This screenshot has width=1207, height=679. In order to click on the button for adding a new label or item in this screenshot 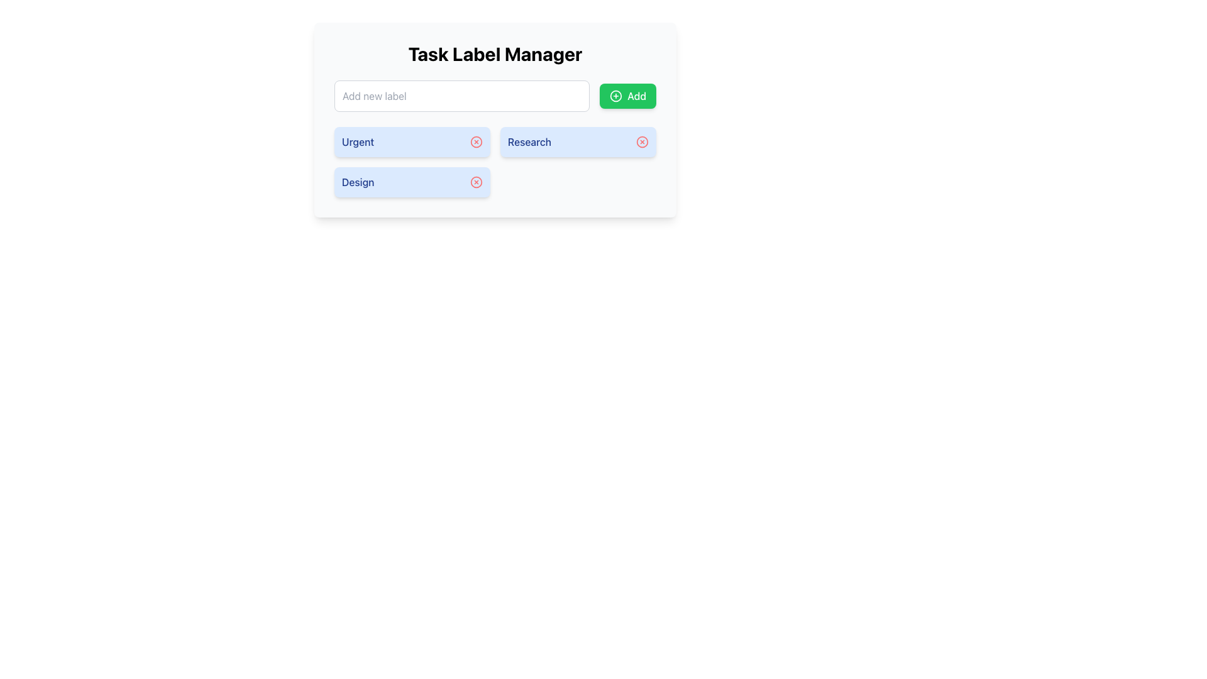, I will do `click(628, 96)`.